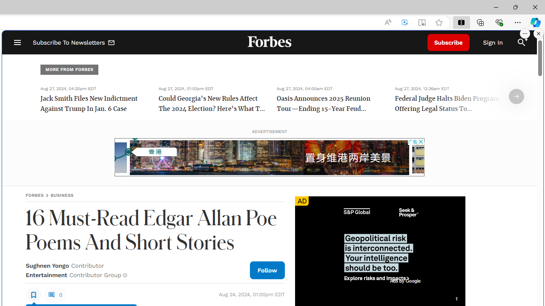  I want to click on 'Class: envelope_svg__fs-icon envelope_svg__fs-icon--envelope', so click(111, 43).